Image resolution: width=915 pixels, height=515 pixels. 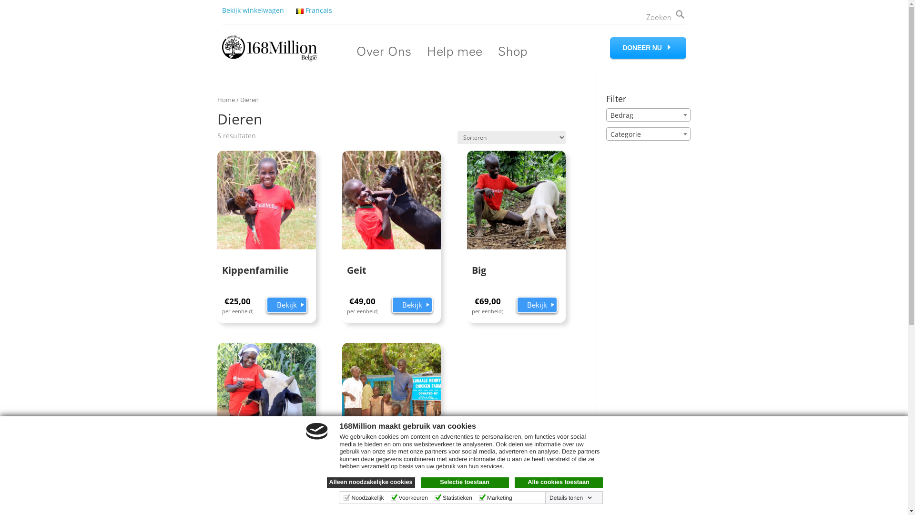 I want to click on 'Selectie toestaan', so click(x=464, y=482).